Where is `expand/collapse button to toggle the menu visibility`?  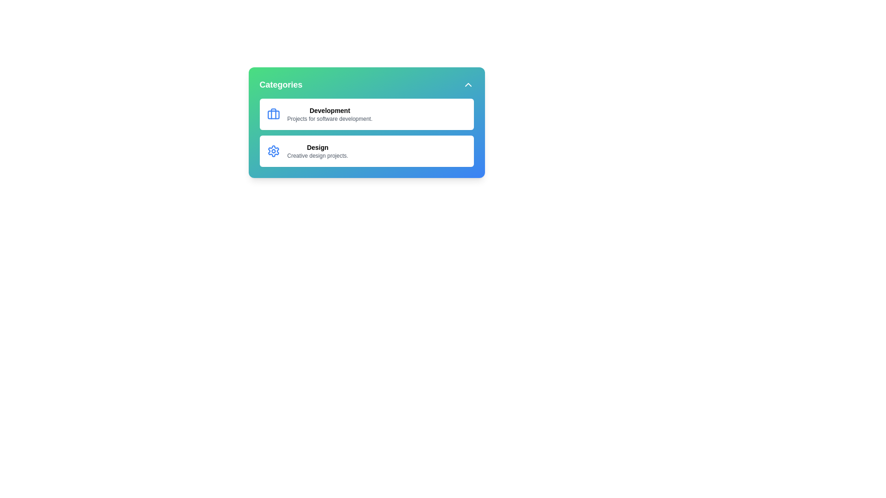 expand/collapse button to toggle the menu visibility is located at coordinates (468, 85).